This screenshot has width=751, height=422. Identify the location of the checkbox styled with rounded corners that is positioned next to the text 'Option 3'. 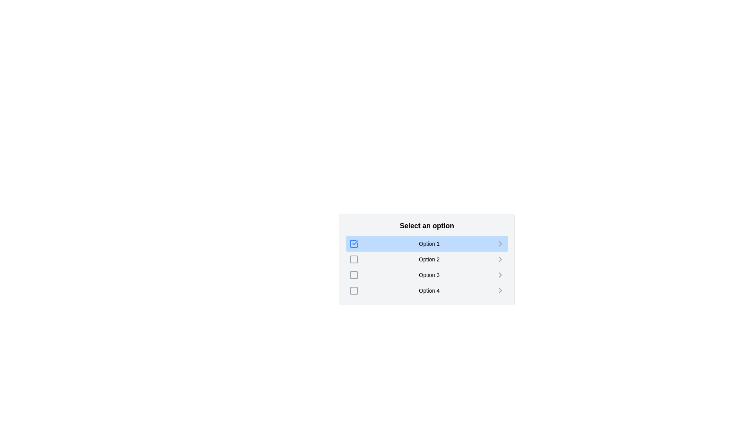
(353, 275).